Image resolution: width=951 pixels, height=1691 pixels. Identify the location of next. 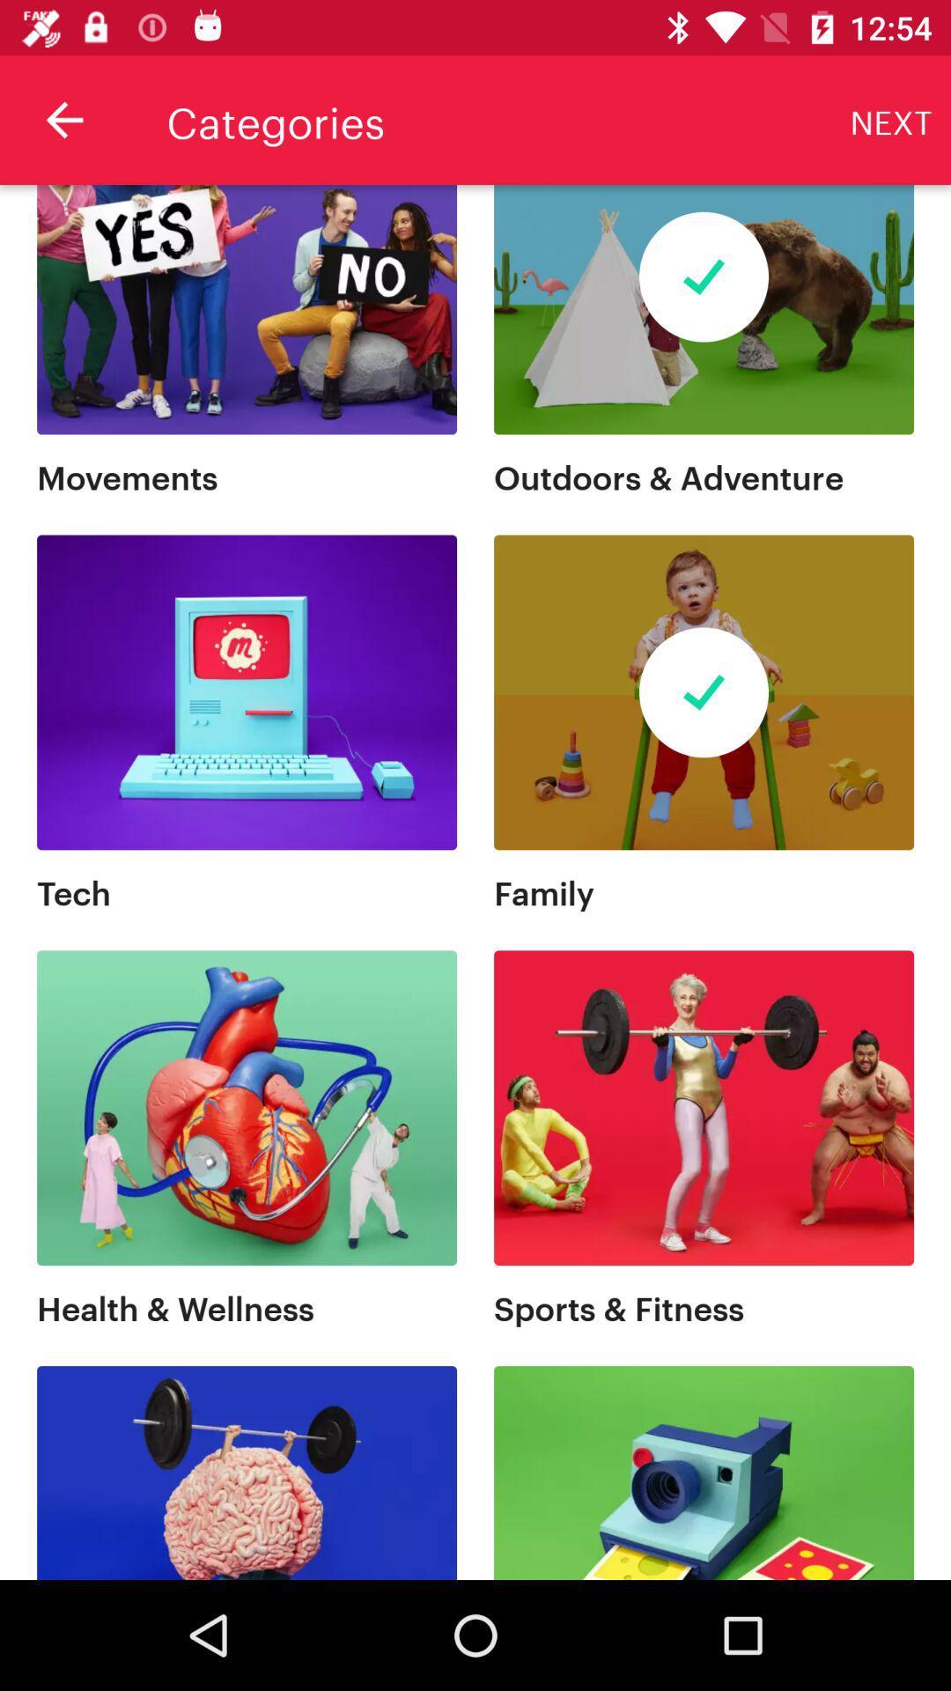
(891, 119).